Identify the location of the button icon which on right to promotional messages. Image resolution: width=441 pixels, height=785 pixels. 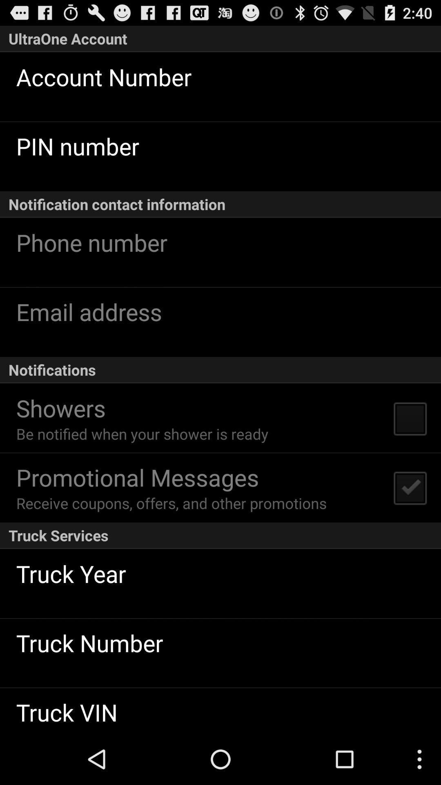
(410, 488).